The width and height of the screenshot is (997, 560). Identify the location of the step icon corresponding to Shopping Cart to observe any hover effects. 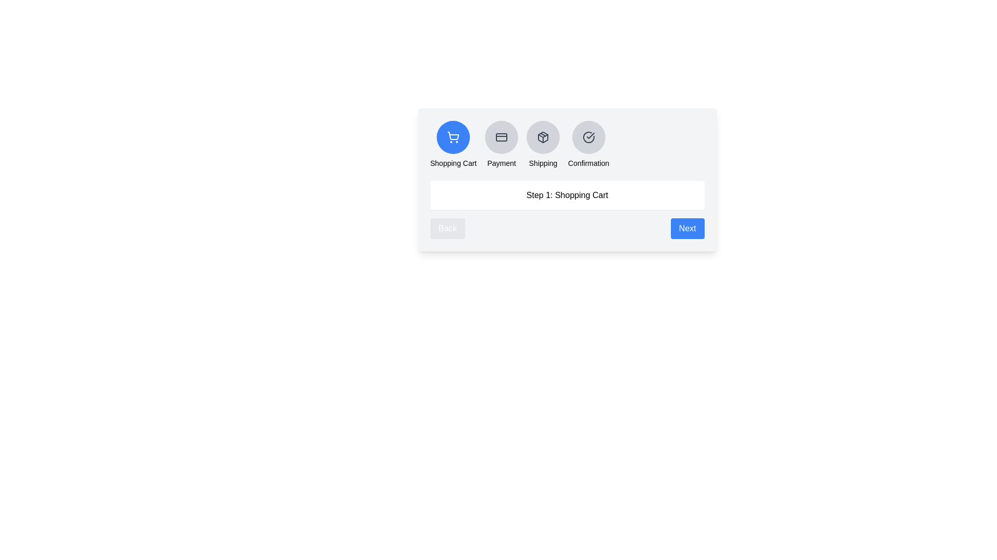
(453, 137).